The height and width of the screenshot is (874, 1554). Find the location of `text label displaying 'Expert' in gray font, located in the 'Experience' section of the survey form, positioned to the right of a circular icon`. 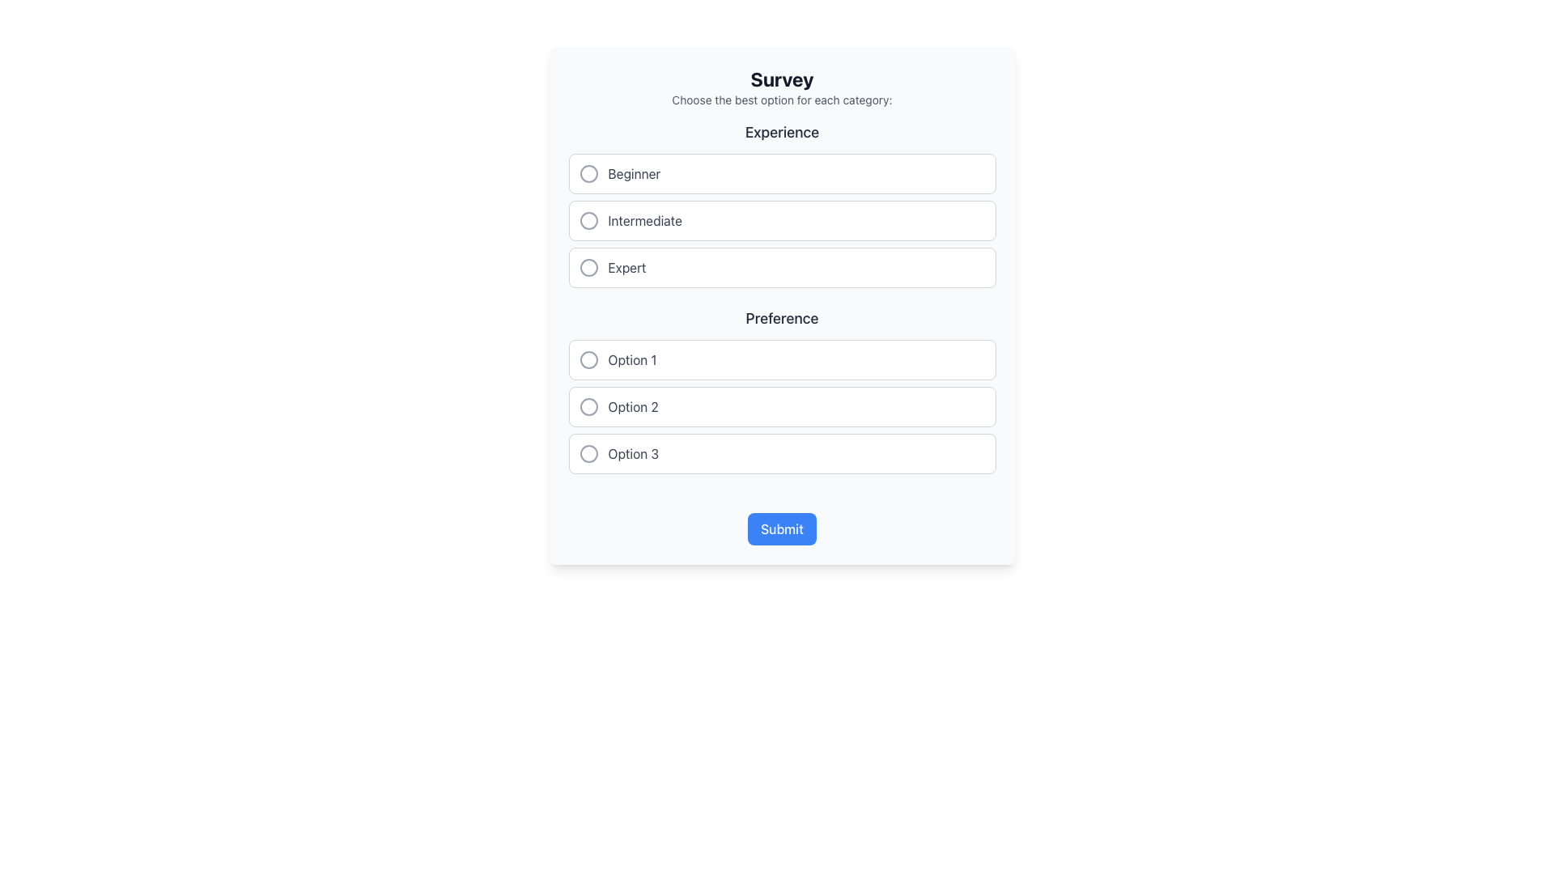

text label displaying 'Expert' in gray font, located in the 'Experience' section of the survey form, positioned to the right of a circular icon is located at coordinates (626, 267).